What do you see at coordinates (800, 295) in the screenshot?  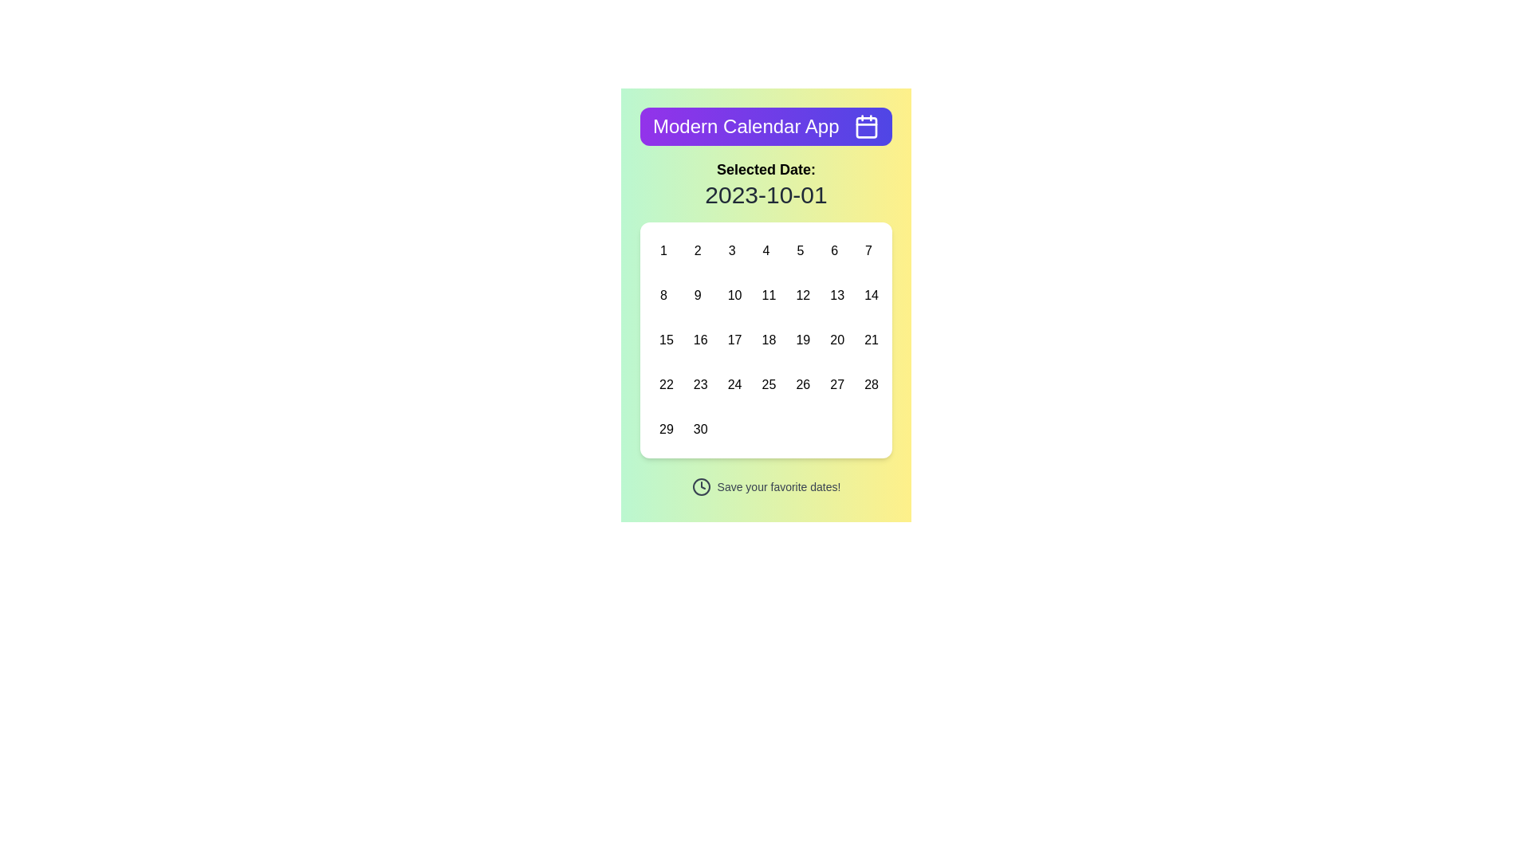 I see `the button representing the date 12 in the calendar` at bounding box center [800, 295].